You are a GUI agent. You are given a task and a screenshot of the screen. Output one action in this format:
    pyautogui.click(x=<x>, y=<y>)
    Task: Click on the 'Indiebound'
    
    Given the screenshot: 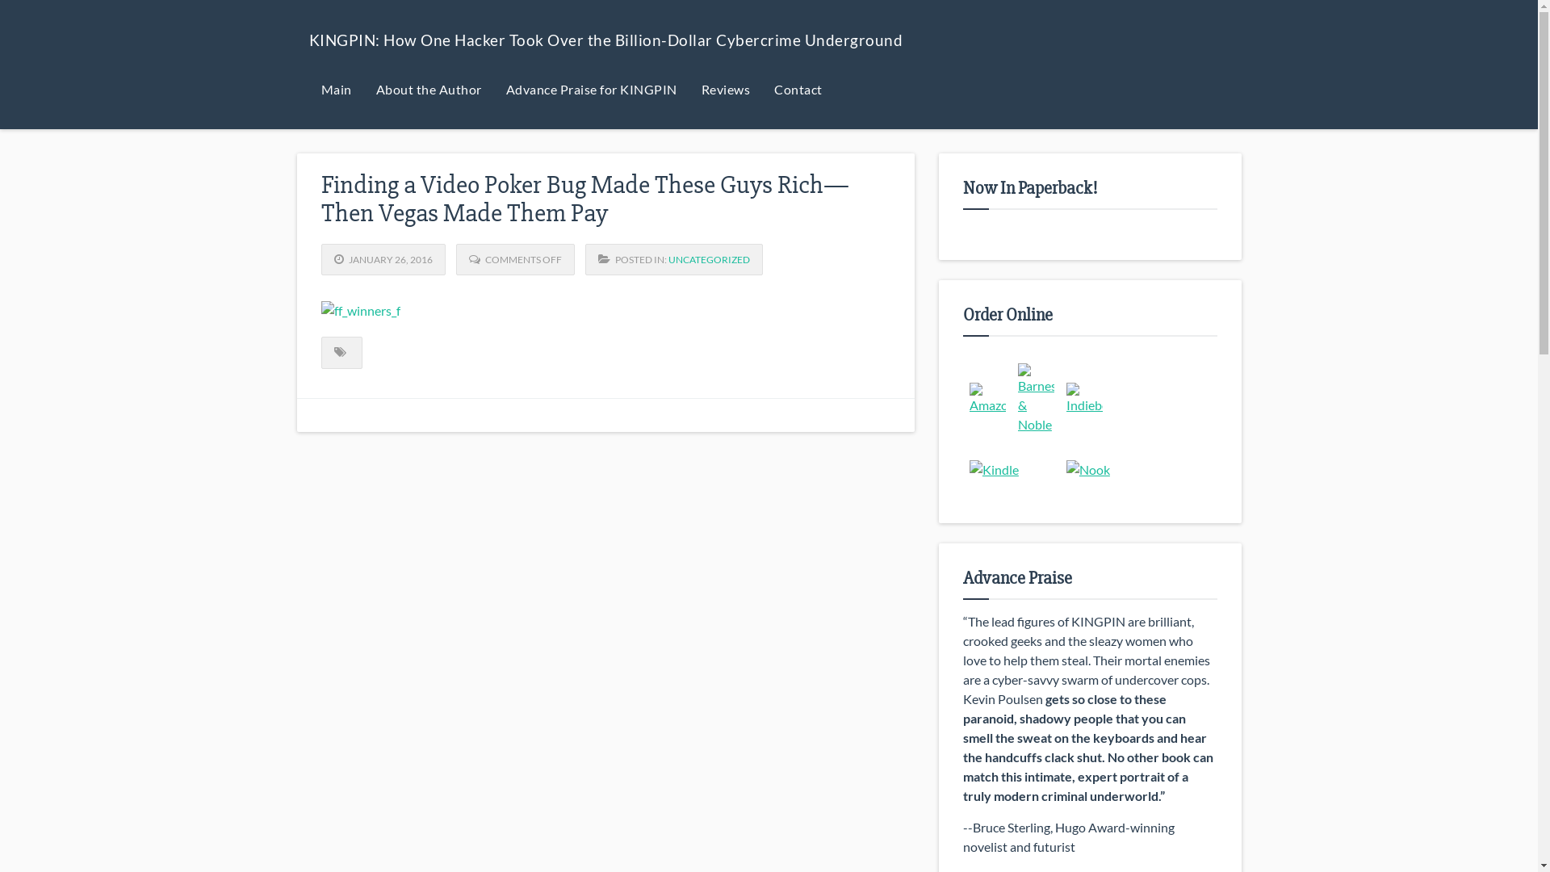 What is the action you would take?
    pyautogui.click(x=1084, y=398)
    